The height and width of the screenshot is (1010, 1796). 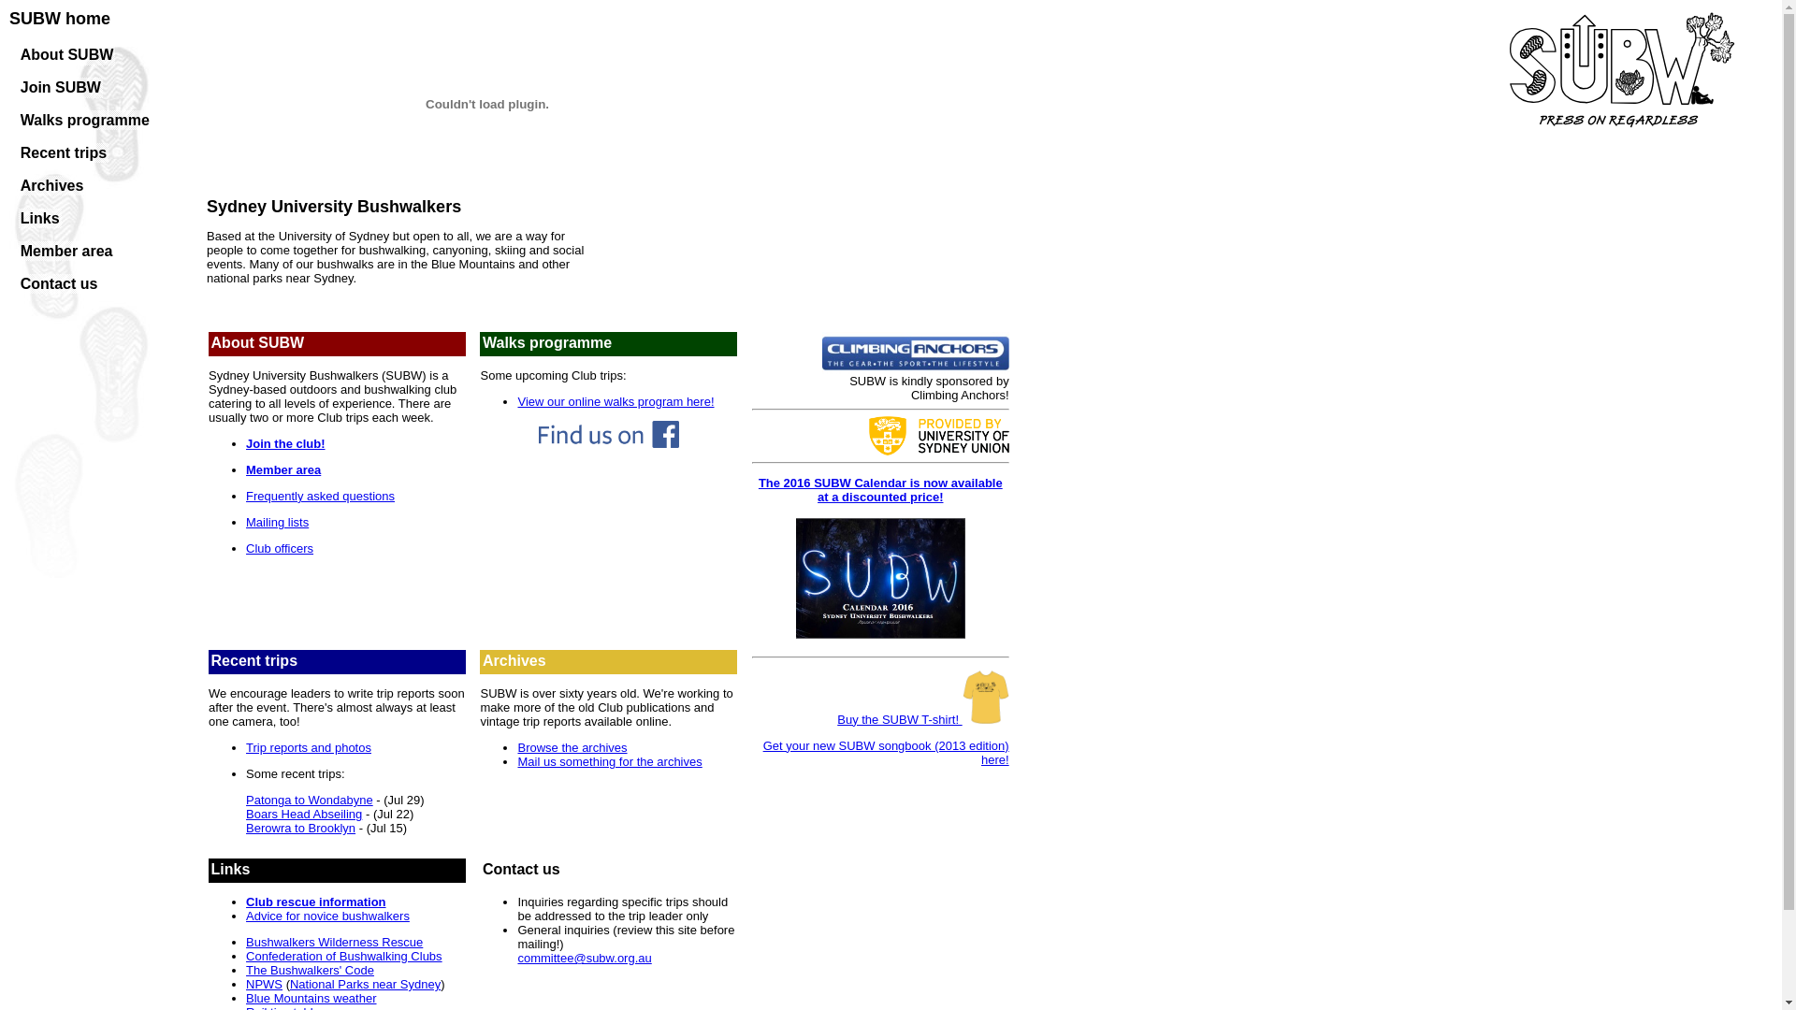 What do you see at coordinates (516, 958) in the screenshot?
I see `'committee@subw.org.au'` at bounding box center [516, 958].